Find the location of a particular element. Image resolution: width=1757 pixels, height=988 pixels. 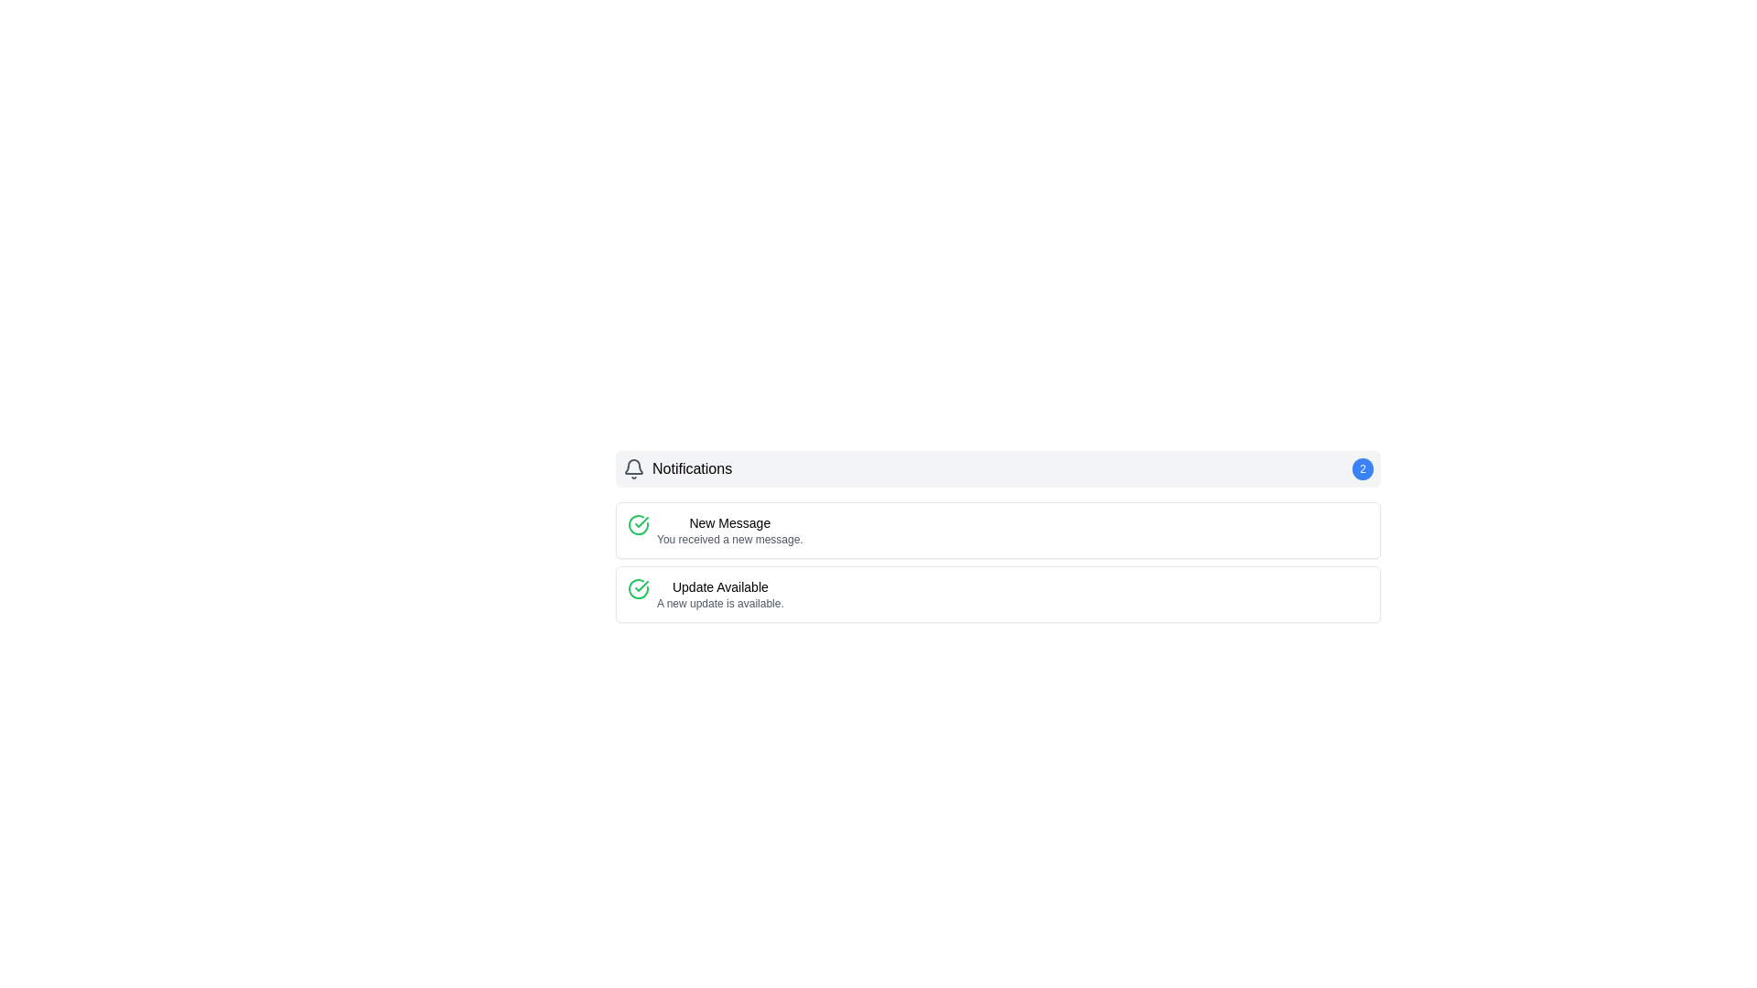

the notification message text block that informs users about the availability of an update, located on the second row of notification cards is located at coordinates (719, 595).